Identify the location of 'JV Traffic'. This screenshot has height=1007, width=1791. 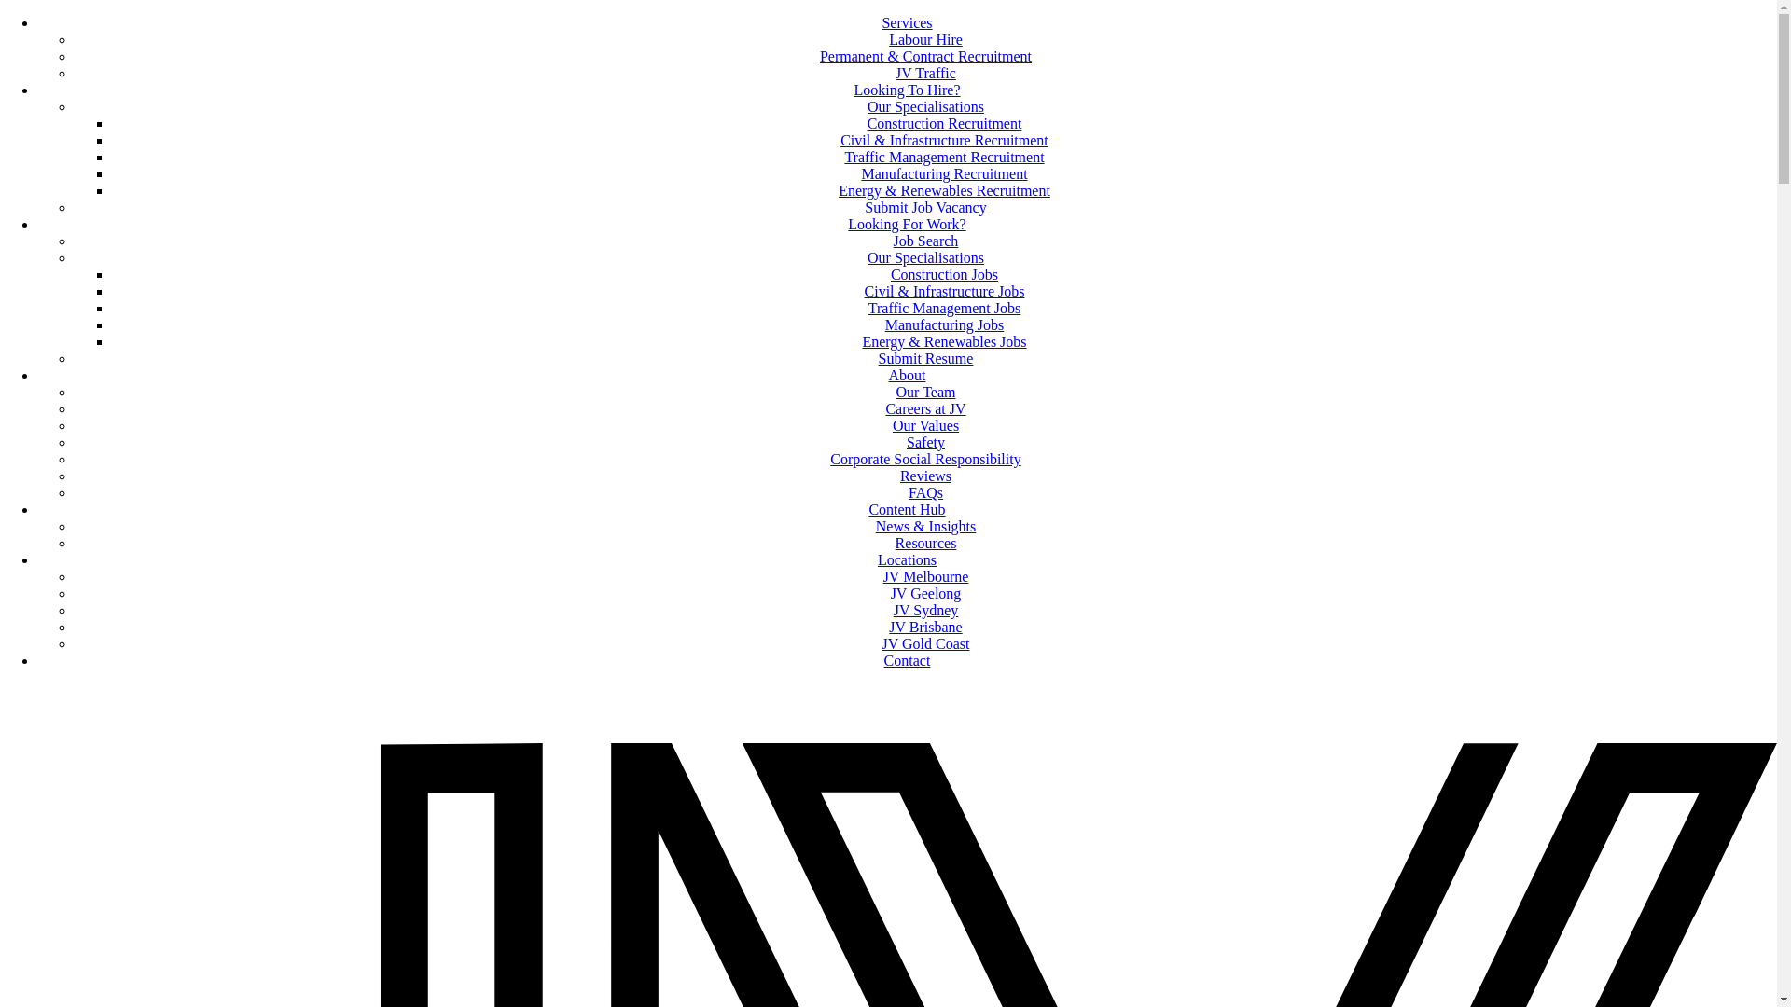
(925, 72).